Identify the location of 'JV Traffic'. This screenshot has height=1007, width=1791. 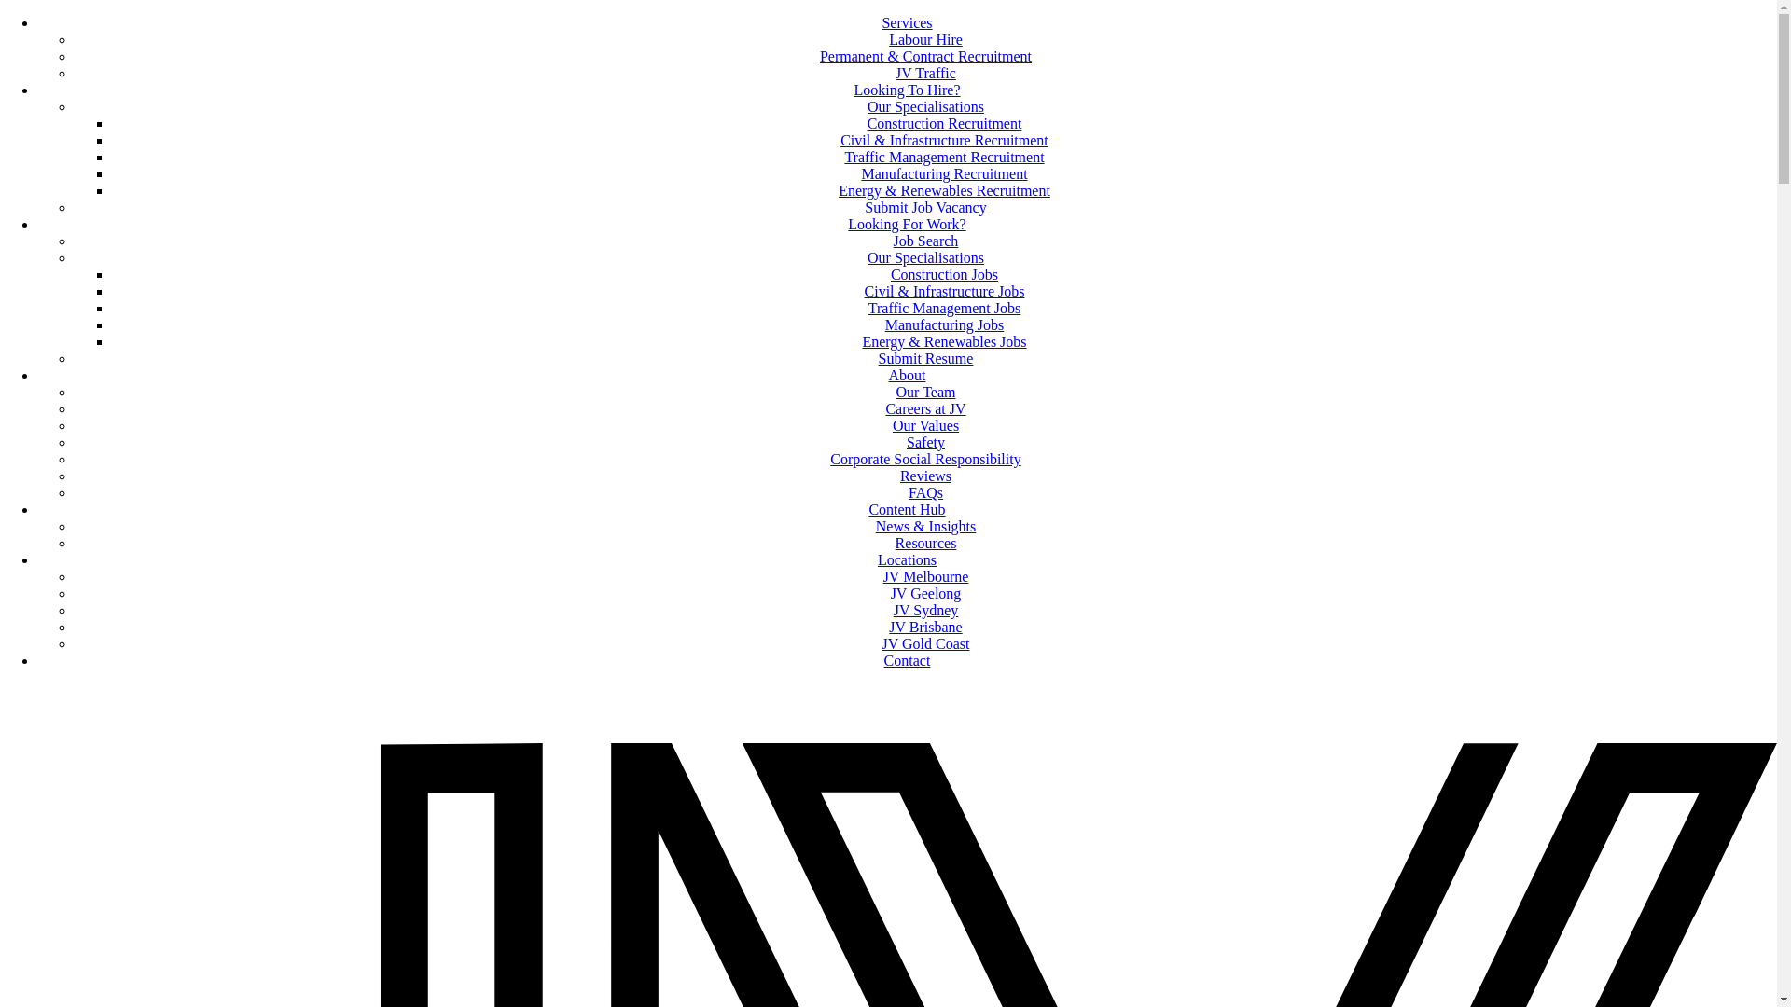
(925, 72).